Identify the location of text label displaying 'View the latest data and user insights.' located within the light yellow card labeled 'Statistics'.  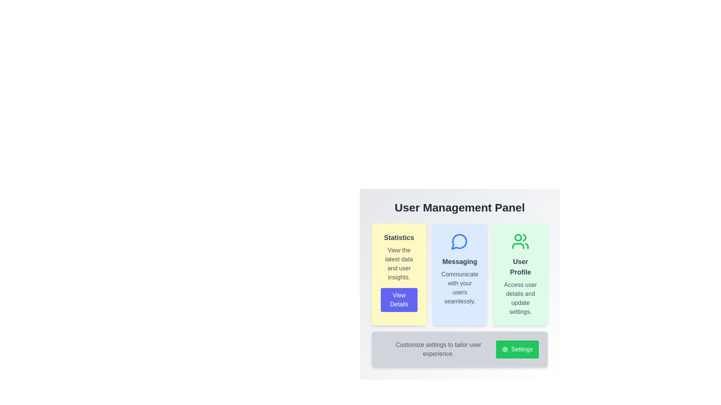
(398, 264).